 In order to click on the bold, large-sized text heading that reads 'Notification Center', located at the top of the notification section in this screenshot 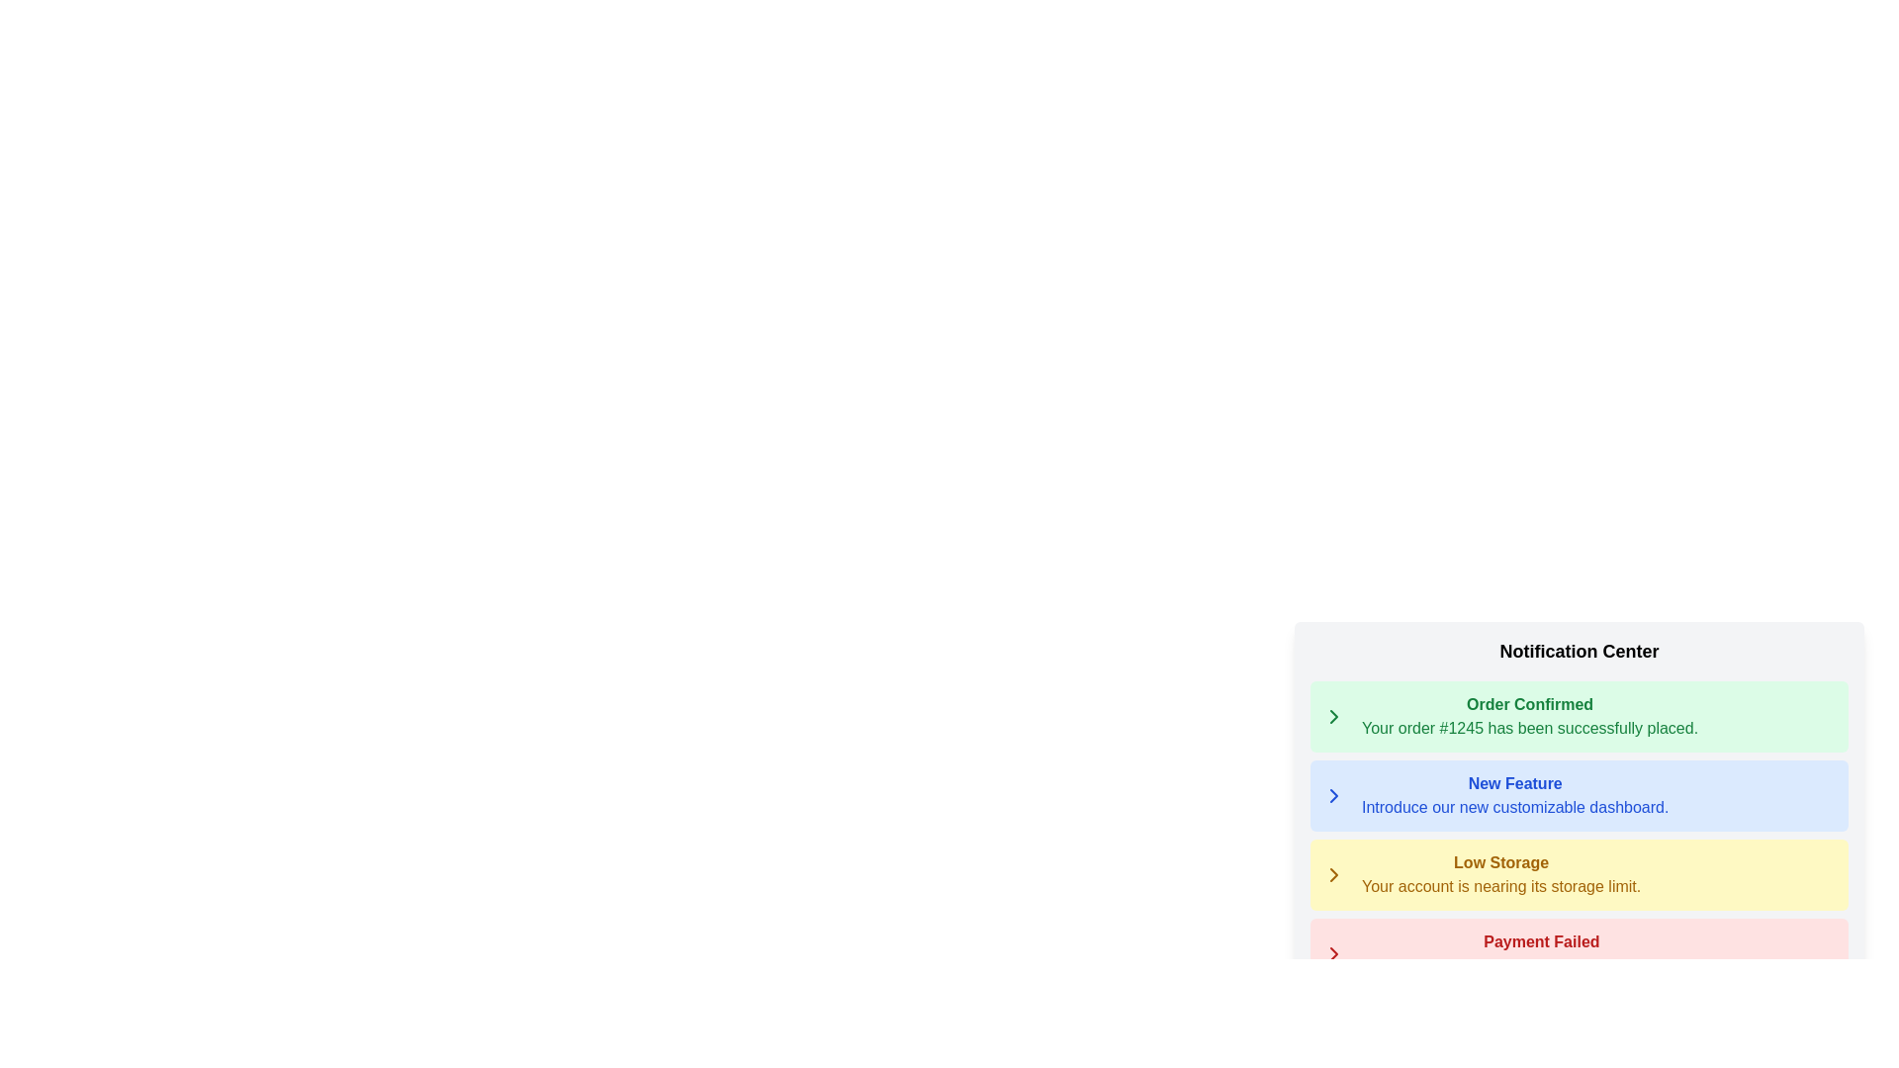, I will do `click(1579, 652)`.